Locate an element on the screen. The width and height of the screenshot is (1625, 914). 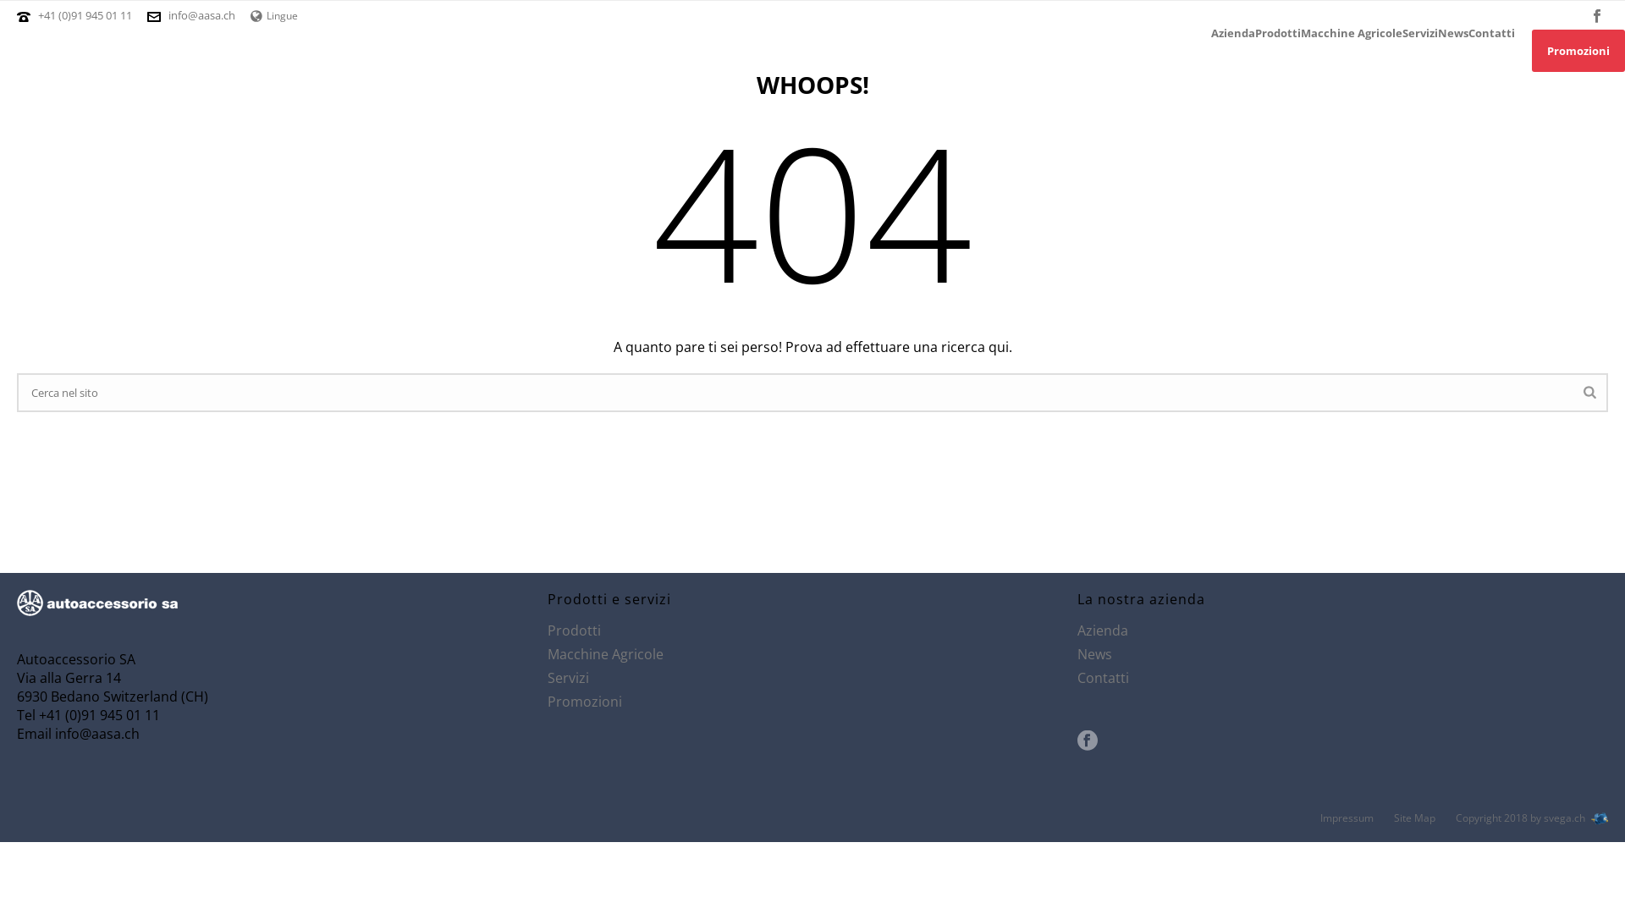
'Azienda' is located at coordinates (1233, 32).